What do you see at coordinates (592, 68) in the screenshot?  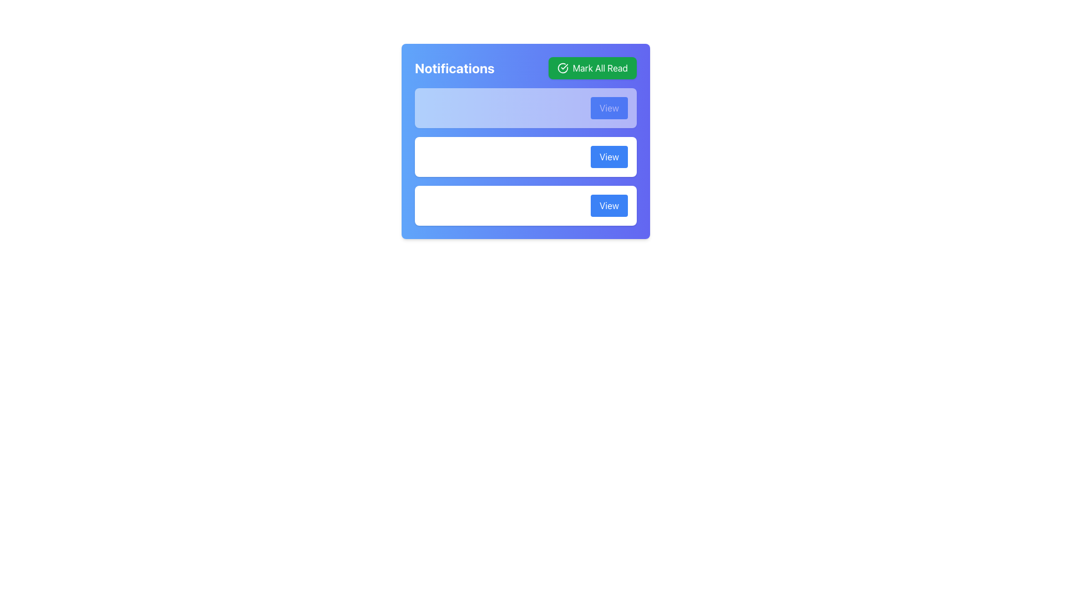 I see `the green 'Mark All Read' button with rounded corners and a check mark icon` at bounding box center [592, 68].